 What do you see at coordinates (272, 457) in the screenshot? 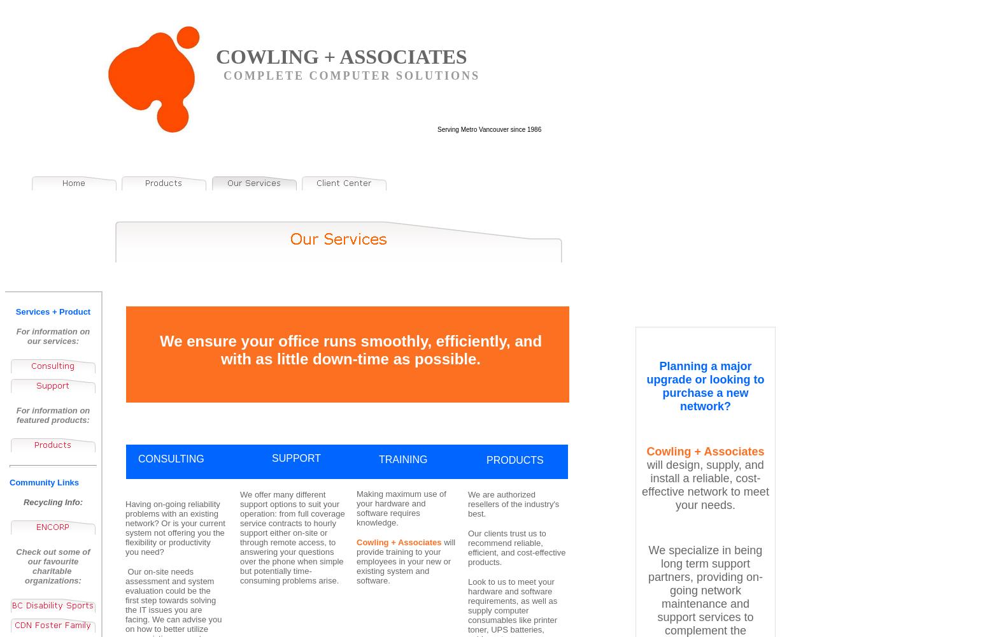
I see `'SUPPORT'` at bounding box center [272, 457].